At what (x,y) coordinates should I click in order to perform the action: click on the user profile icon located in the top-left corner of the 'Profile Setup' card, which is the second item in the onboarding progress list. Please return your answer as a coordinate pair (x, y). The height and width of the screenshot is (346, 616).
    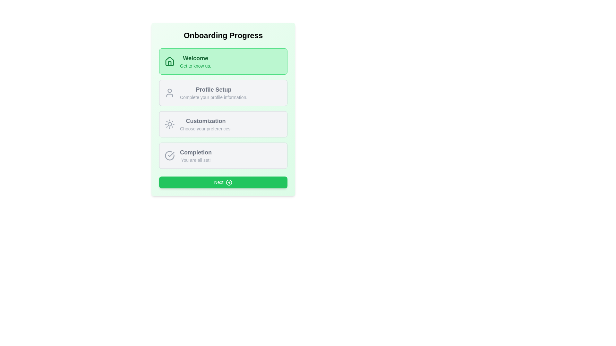
    Looking at the image, I should click on (169, 93).